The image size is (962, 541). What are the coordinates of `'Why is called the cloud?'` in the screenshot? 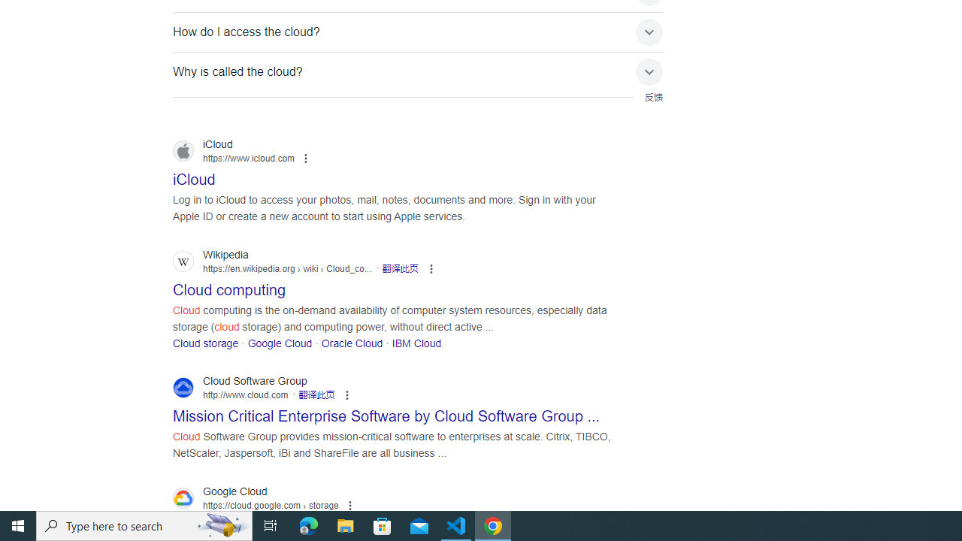 It's located at (418, 71).